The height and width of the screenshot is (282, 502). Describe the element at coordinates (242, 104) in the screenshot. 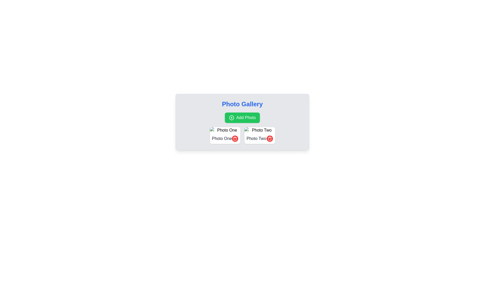

I see `the Text Heading element, which serves as a title or headline for the section, positioned above the 'Add Photo' button` at that location.